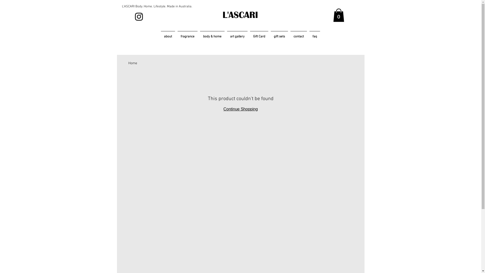 This screenshot has width=485, height=273. I want to click on 'body & home', so click(198, 34).